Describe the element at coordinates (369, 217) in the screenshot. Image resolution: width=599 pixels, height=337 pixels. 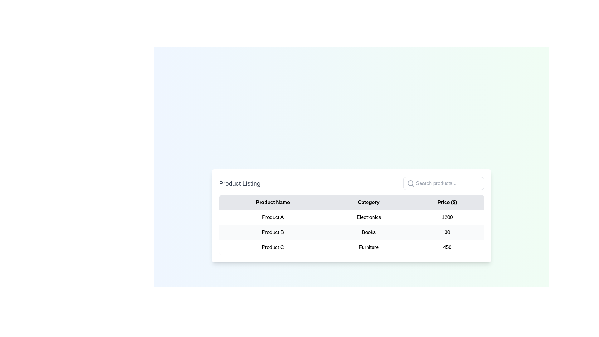
I see `the 'Electronics' text label located in the second row, middle column of the table under the 'Category' header` at that location.